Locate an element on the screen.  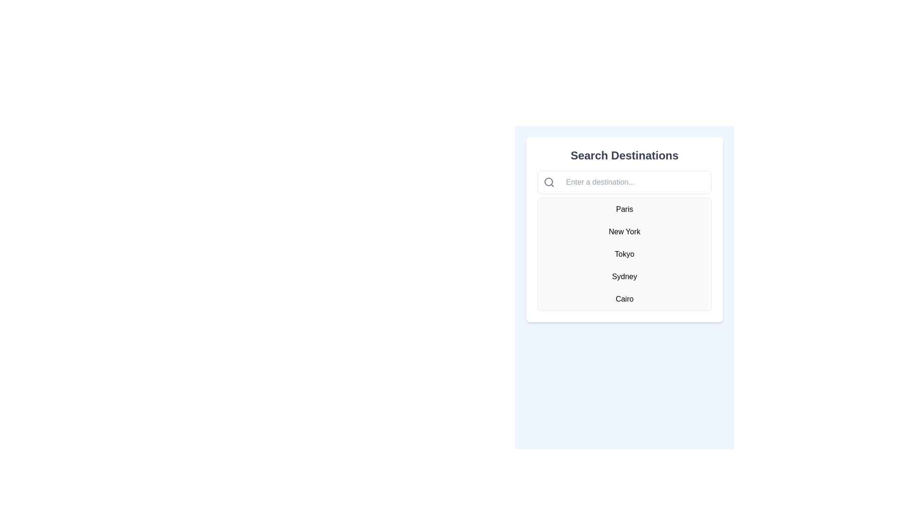
the text input field for searching destinations, which features a placeholder 'Enter a destination...' and a search icon on the left is located at coordinates (625, 182).